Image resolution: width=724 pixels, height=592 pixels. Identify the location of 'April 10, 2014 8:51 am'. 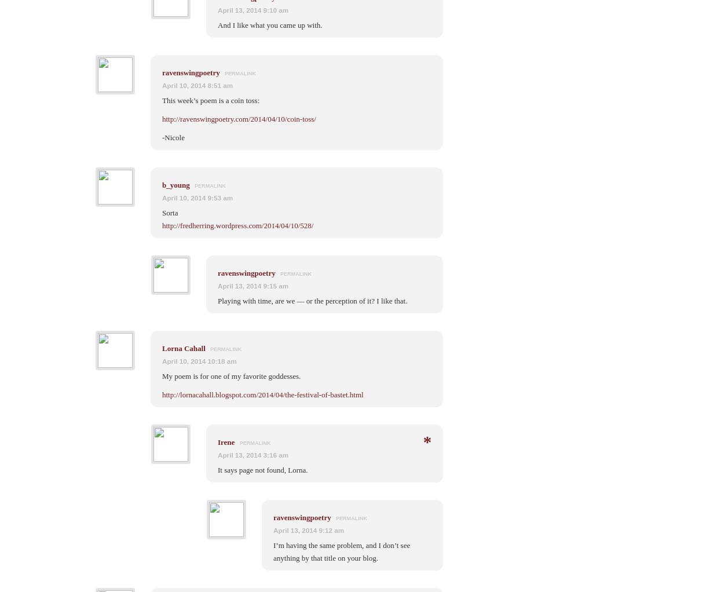
(197, 85).